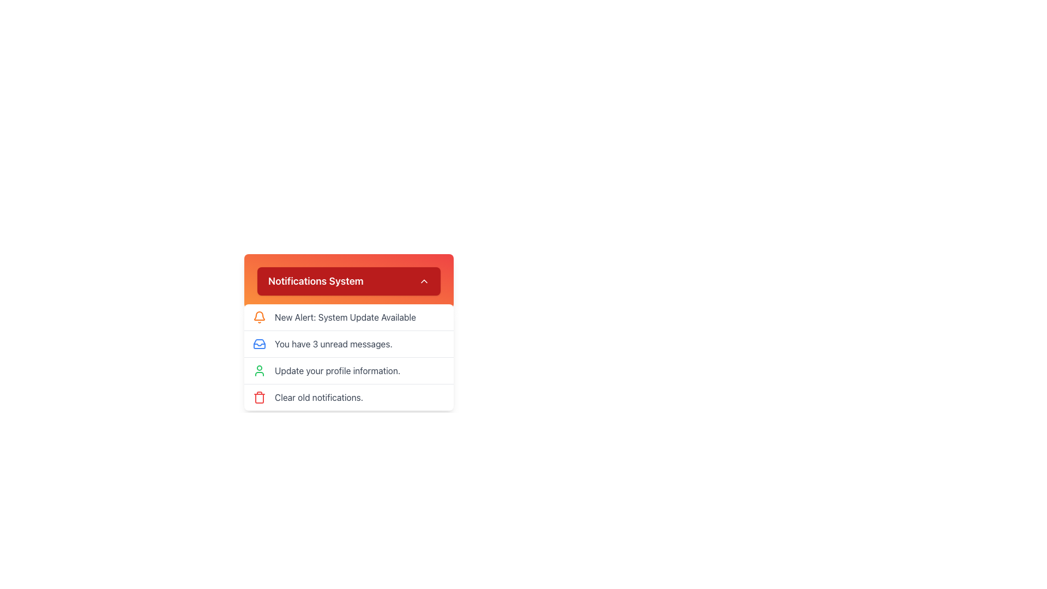  I want to click on the third text label in the notifications list, so click(337, 370).